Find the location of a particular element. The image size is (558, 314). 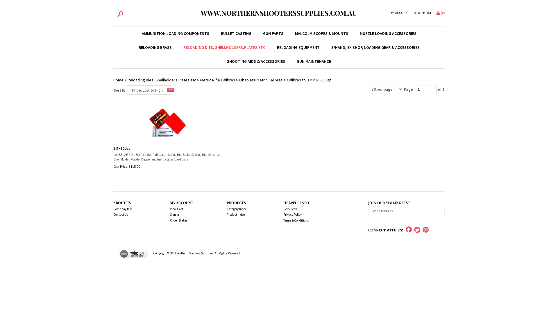

'Home' is located at coordinates (118, 80).